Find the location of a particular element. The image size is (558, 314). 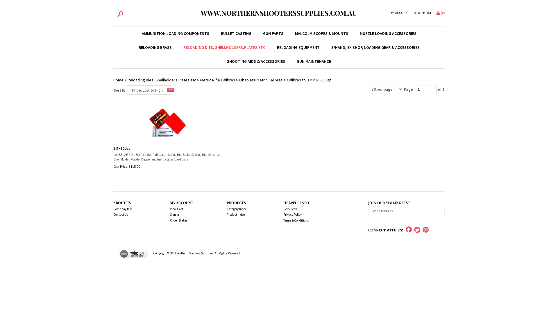

'Home' is located at coordinates (118, 80).